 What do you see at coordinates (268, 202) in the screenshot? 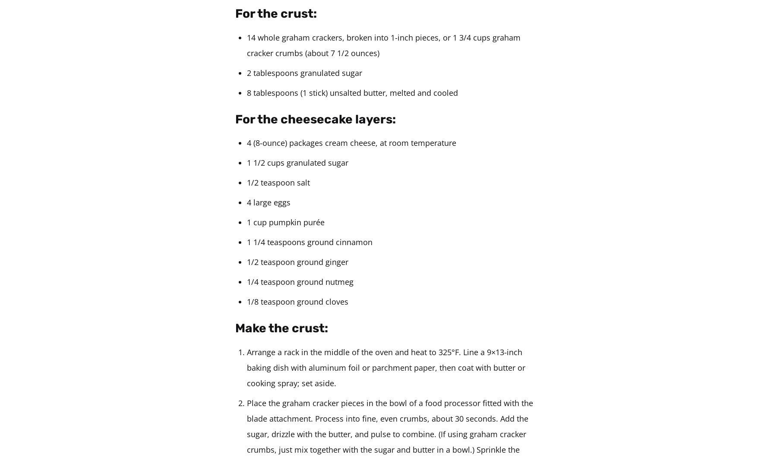
I see `'4 large eggs'` at bounding box center [268, 202].